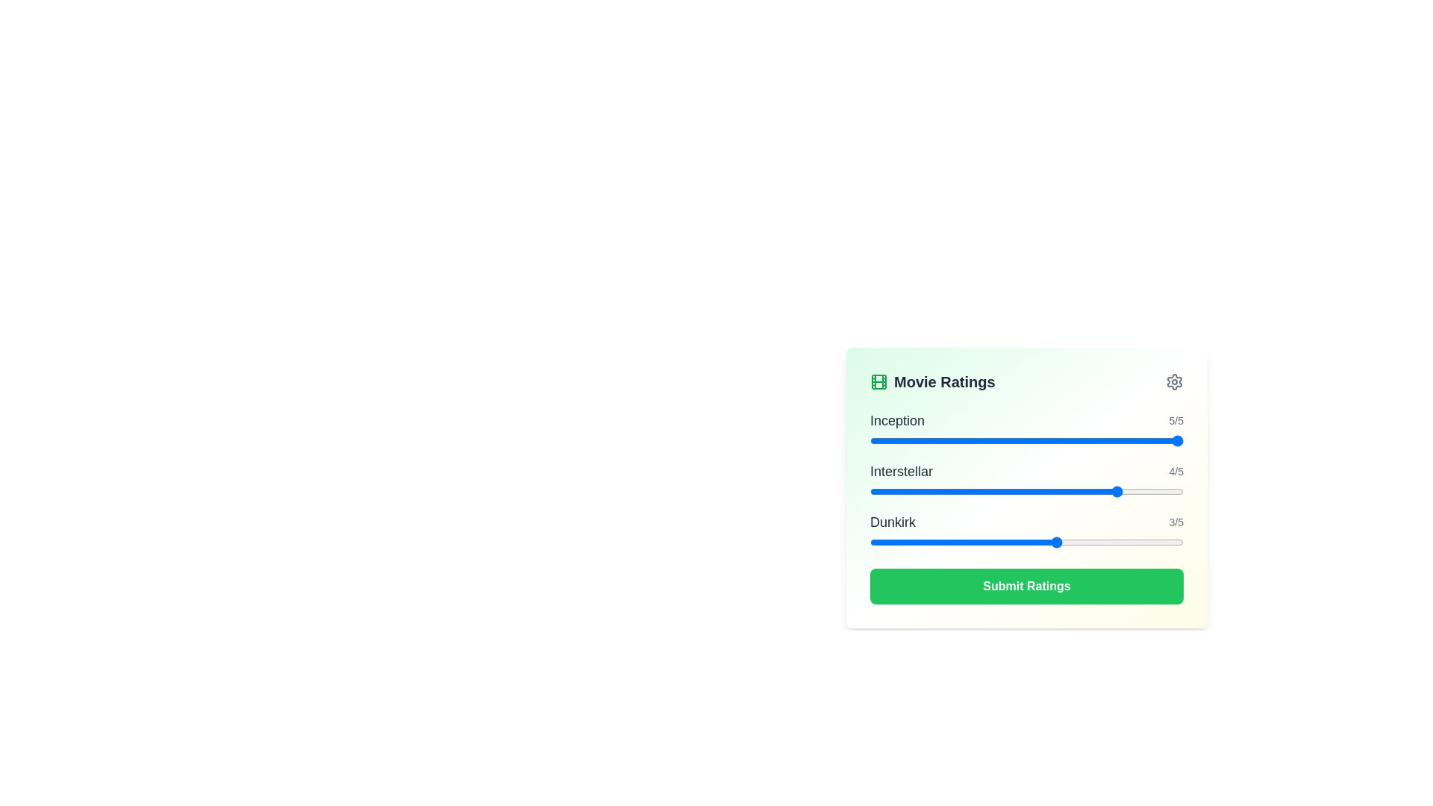 The width and height of the screenshot is (1433, 806). What do you see at coordinates (931, 381) in the screenshot?
I see `the title text element that indicates movie ratings, located at the top-left corner of the card-like UI component, to the right of the film icon` at bounding box center [931, 381].